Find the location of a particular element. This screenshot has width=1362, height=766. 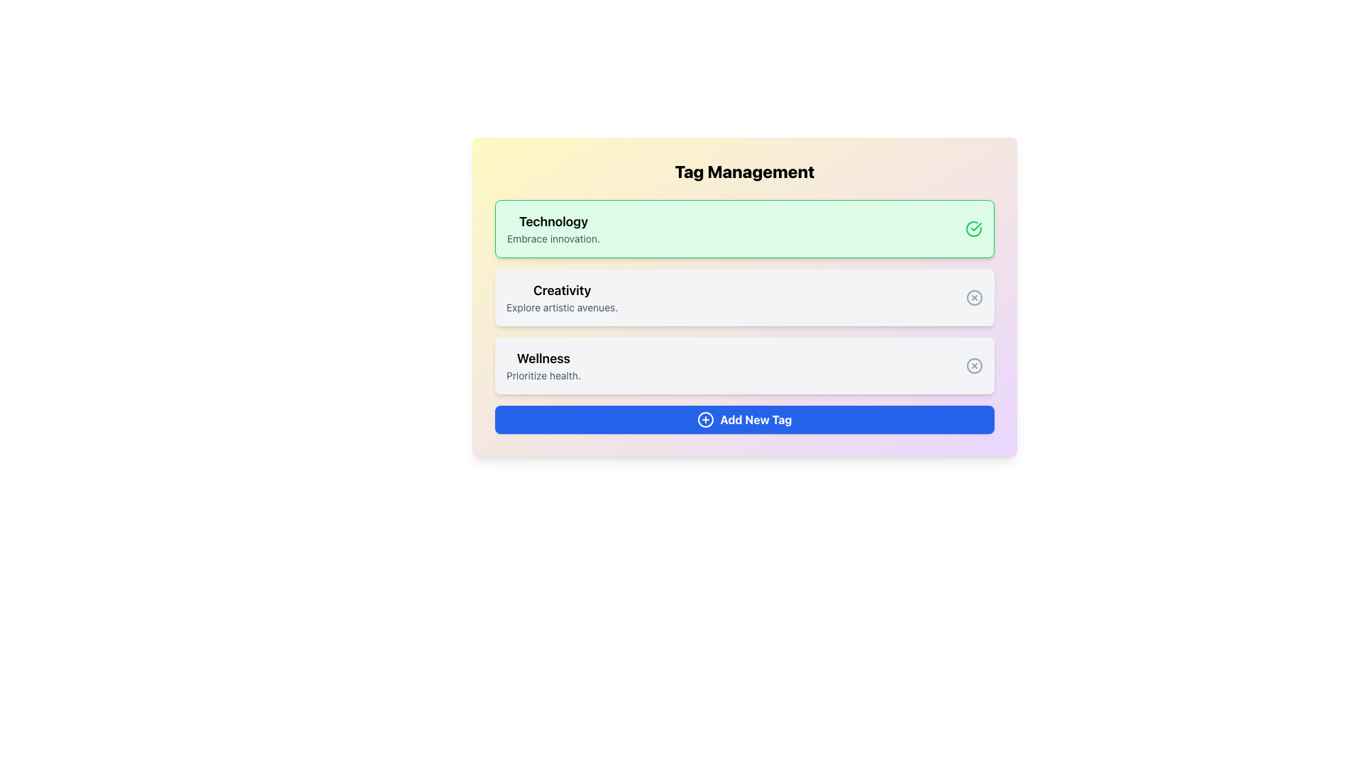

the circular cancel icon located on the rightmost side of the 'Creativity' section is located at coordinates (973, 297).